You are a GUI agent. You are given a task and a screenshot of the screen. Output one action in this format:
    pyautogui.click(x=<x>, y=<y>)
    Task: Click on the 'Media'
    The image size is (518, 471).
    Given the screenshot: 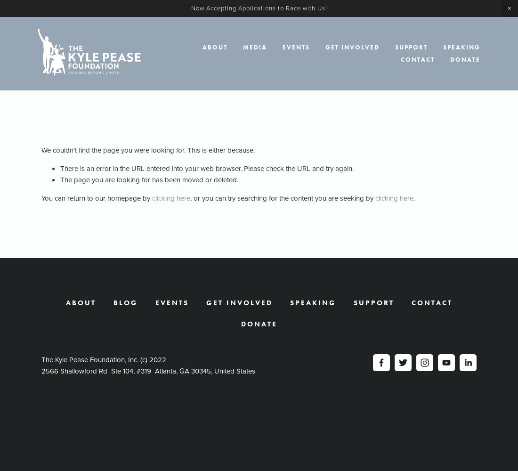 What is the action you would take?
    pyautogui.click(x=255, y=47)
    